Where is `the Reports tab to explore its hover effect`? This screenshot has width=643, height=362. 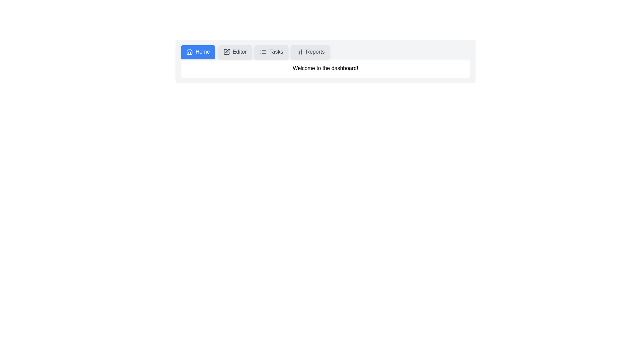 the Reports tab to explore its hover effect is located at coordinates (310, 51).